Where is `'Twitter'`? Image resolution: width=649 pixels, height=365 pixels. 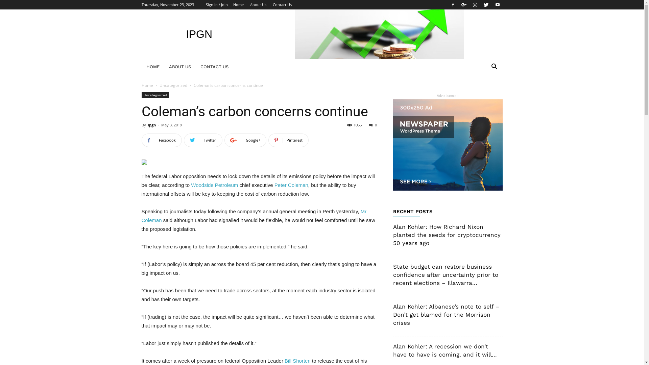 'Twitter' is located at coordinates (486, 5).